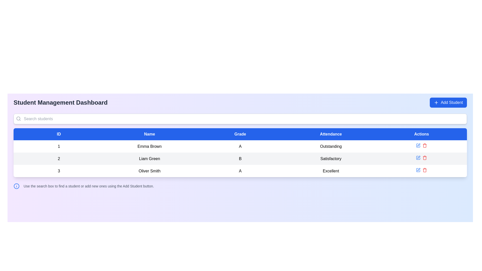 This screenshot has width=482, height=271. Describe the element at coordinates (436, 102) in the screenshot. I see `the '+' icon within the blue 'Add Student' button located in the top right corner of the dashboard interface` at that location.